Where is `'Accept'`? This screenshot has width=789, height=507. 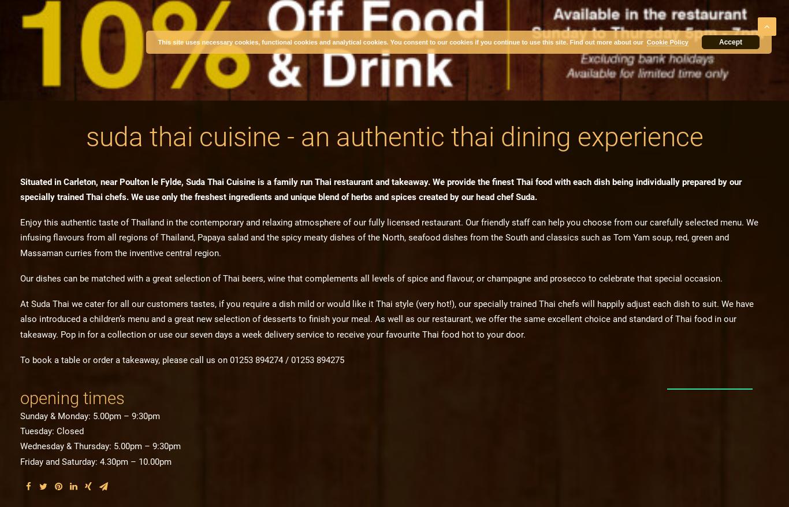
'Accept' is located at coordinates (719, 42).